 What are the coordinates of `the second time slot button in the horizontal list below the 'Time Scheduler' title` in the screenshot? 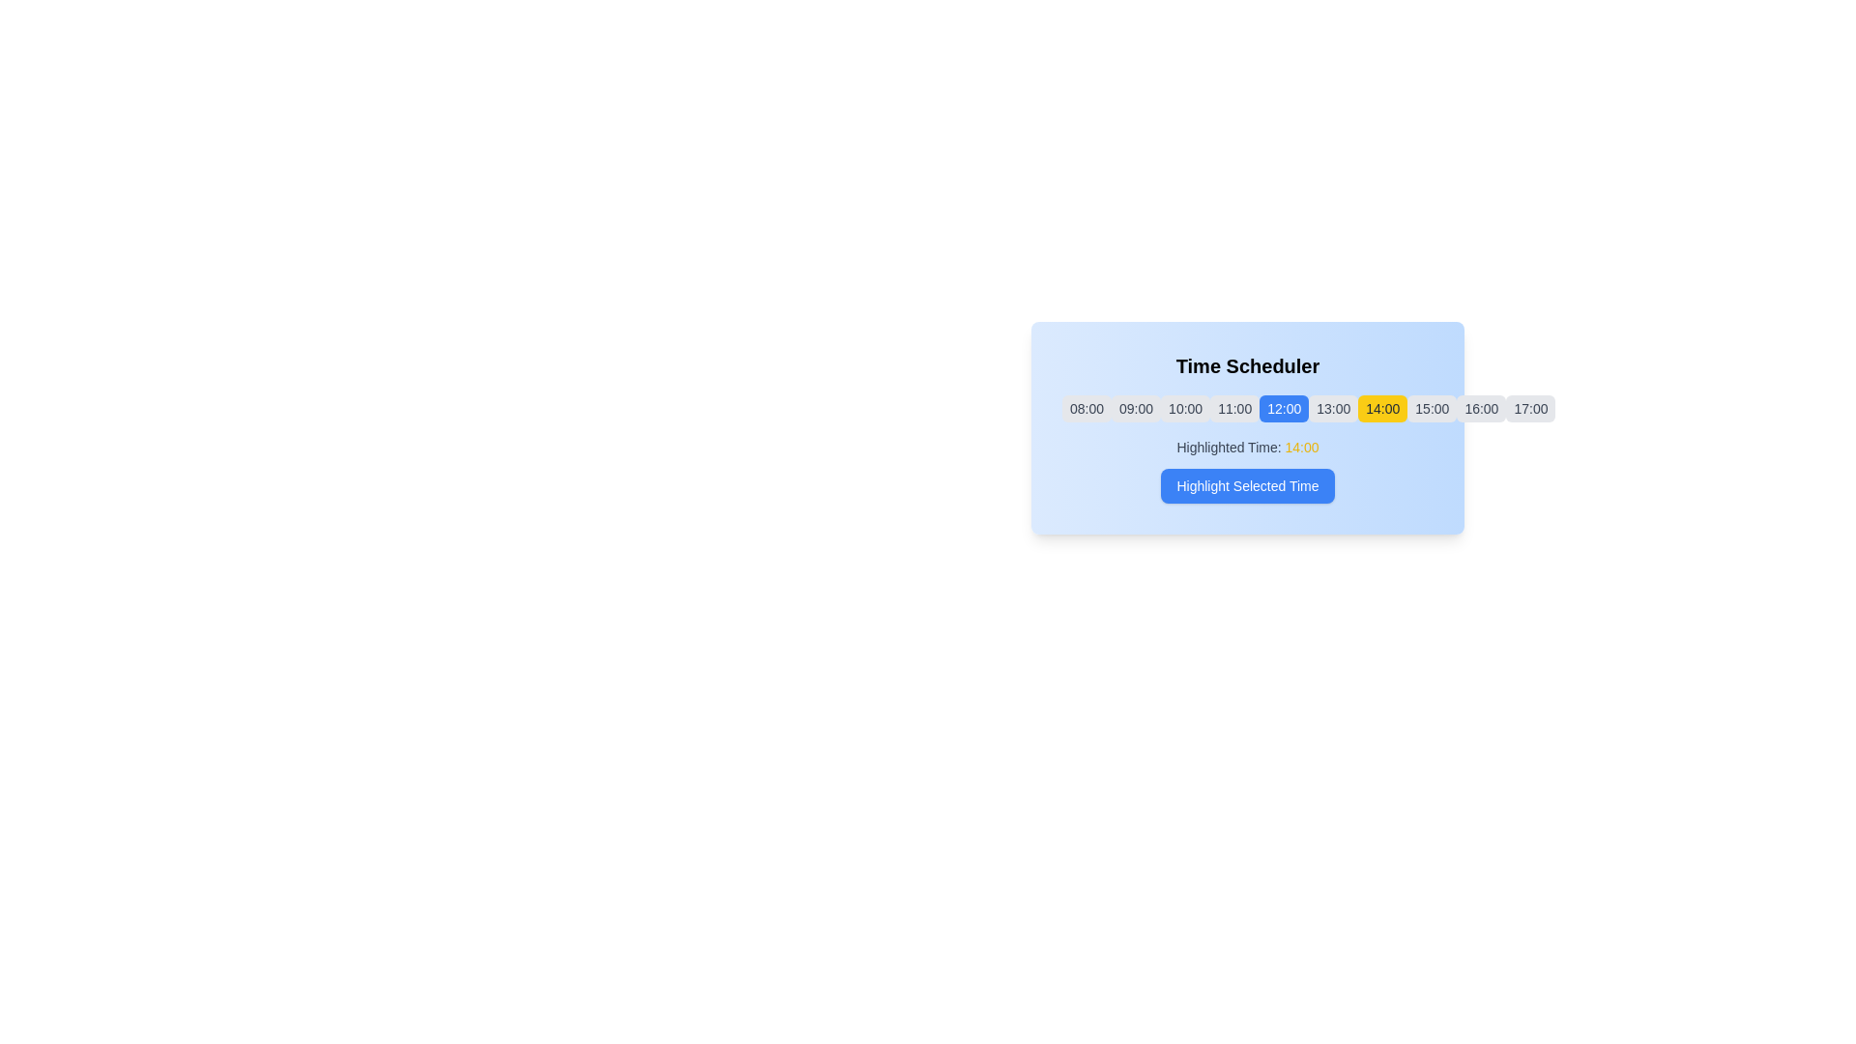 It's located at (1136, 408).